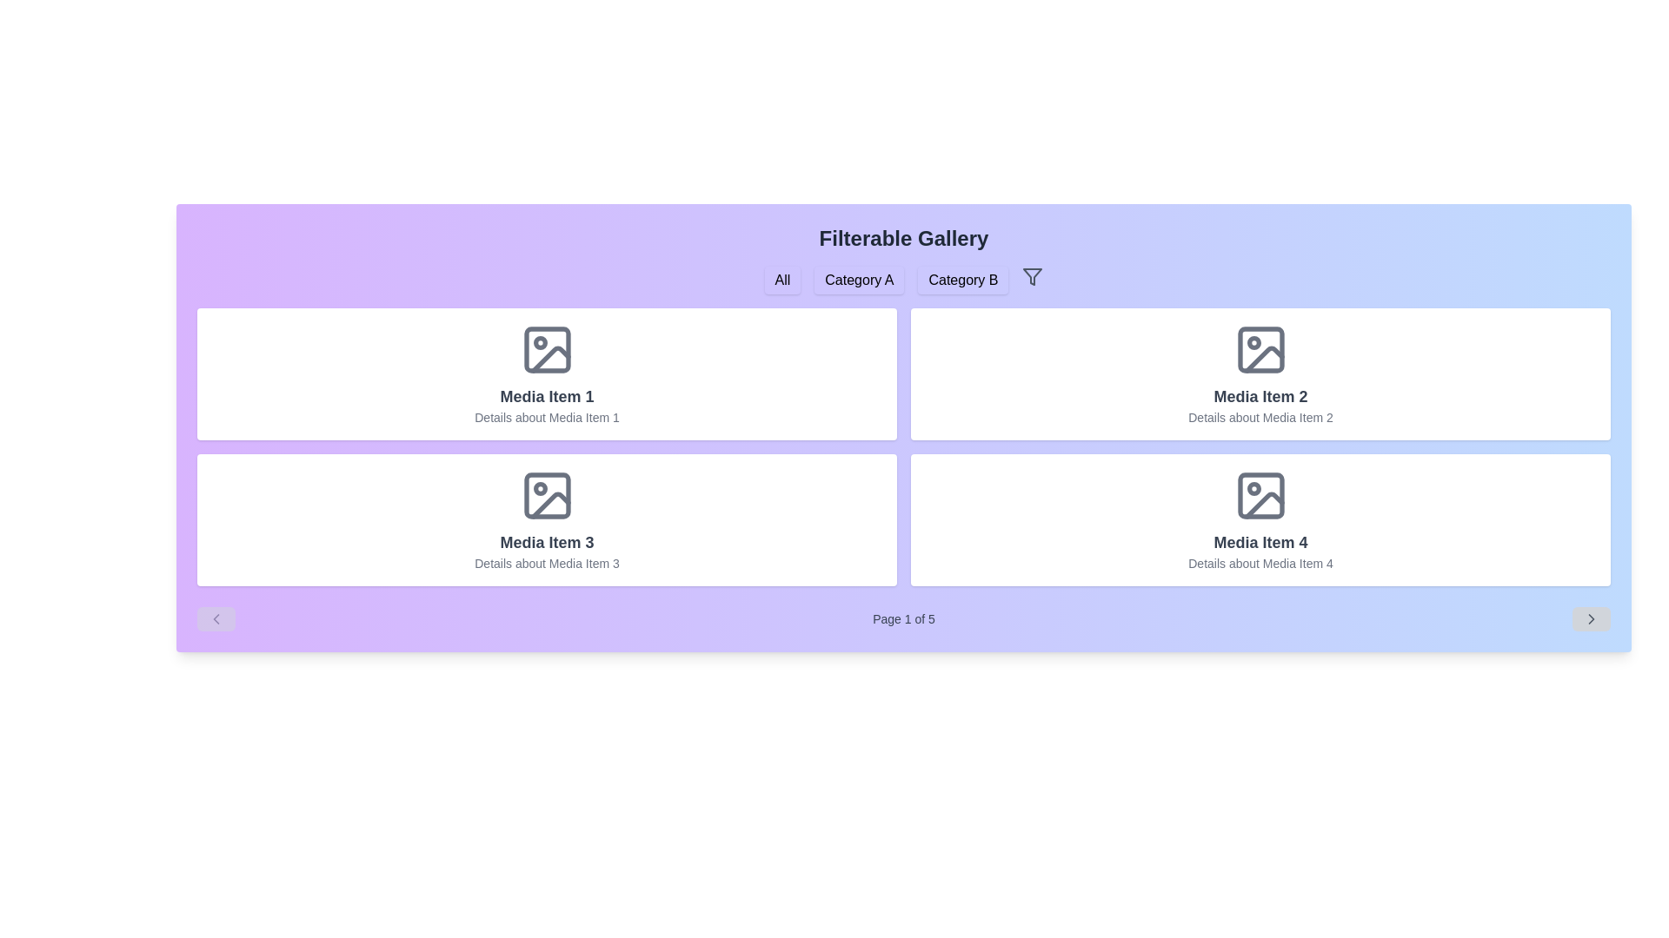 The image size is (1669, 938). What do you see at coordinates (1260, 495) in the screenshot?
I see `the media icon located in the fourth media item card titled 'Media Item 4', which is centered horizontally and aligned near the top of the card` at bounding box center [1260, 495].